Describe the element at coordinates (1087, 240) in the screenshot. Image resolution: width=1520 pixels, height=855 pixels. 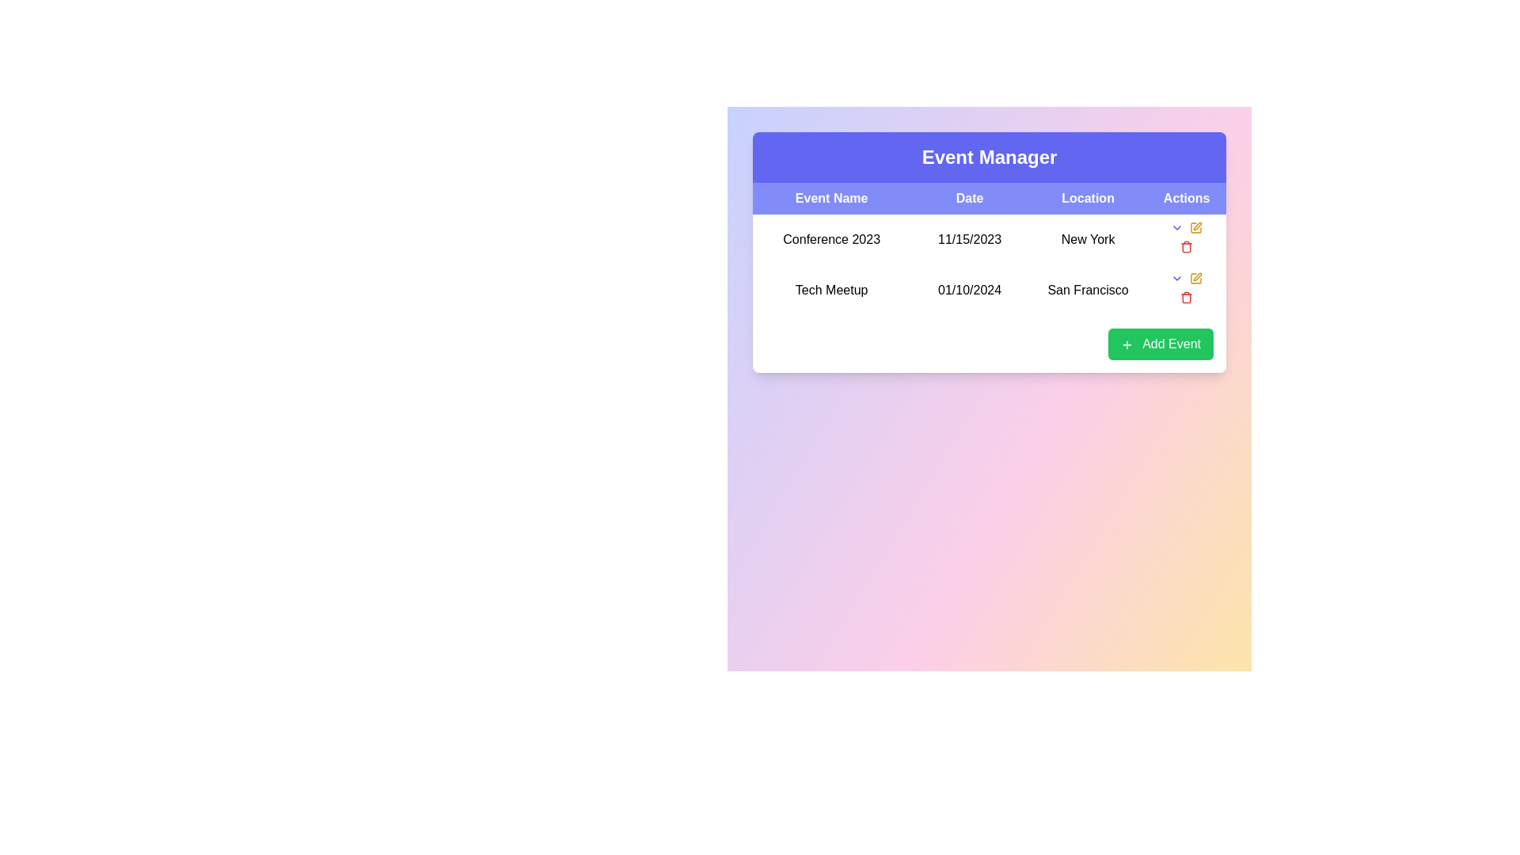
I see `the static Text label displaying the location of the corresponding event in the table under the 'Location' header, located in the third column of the first row` at that location.